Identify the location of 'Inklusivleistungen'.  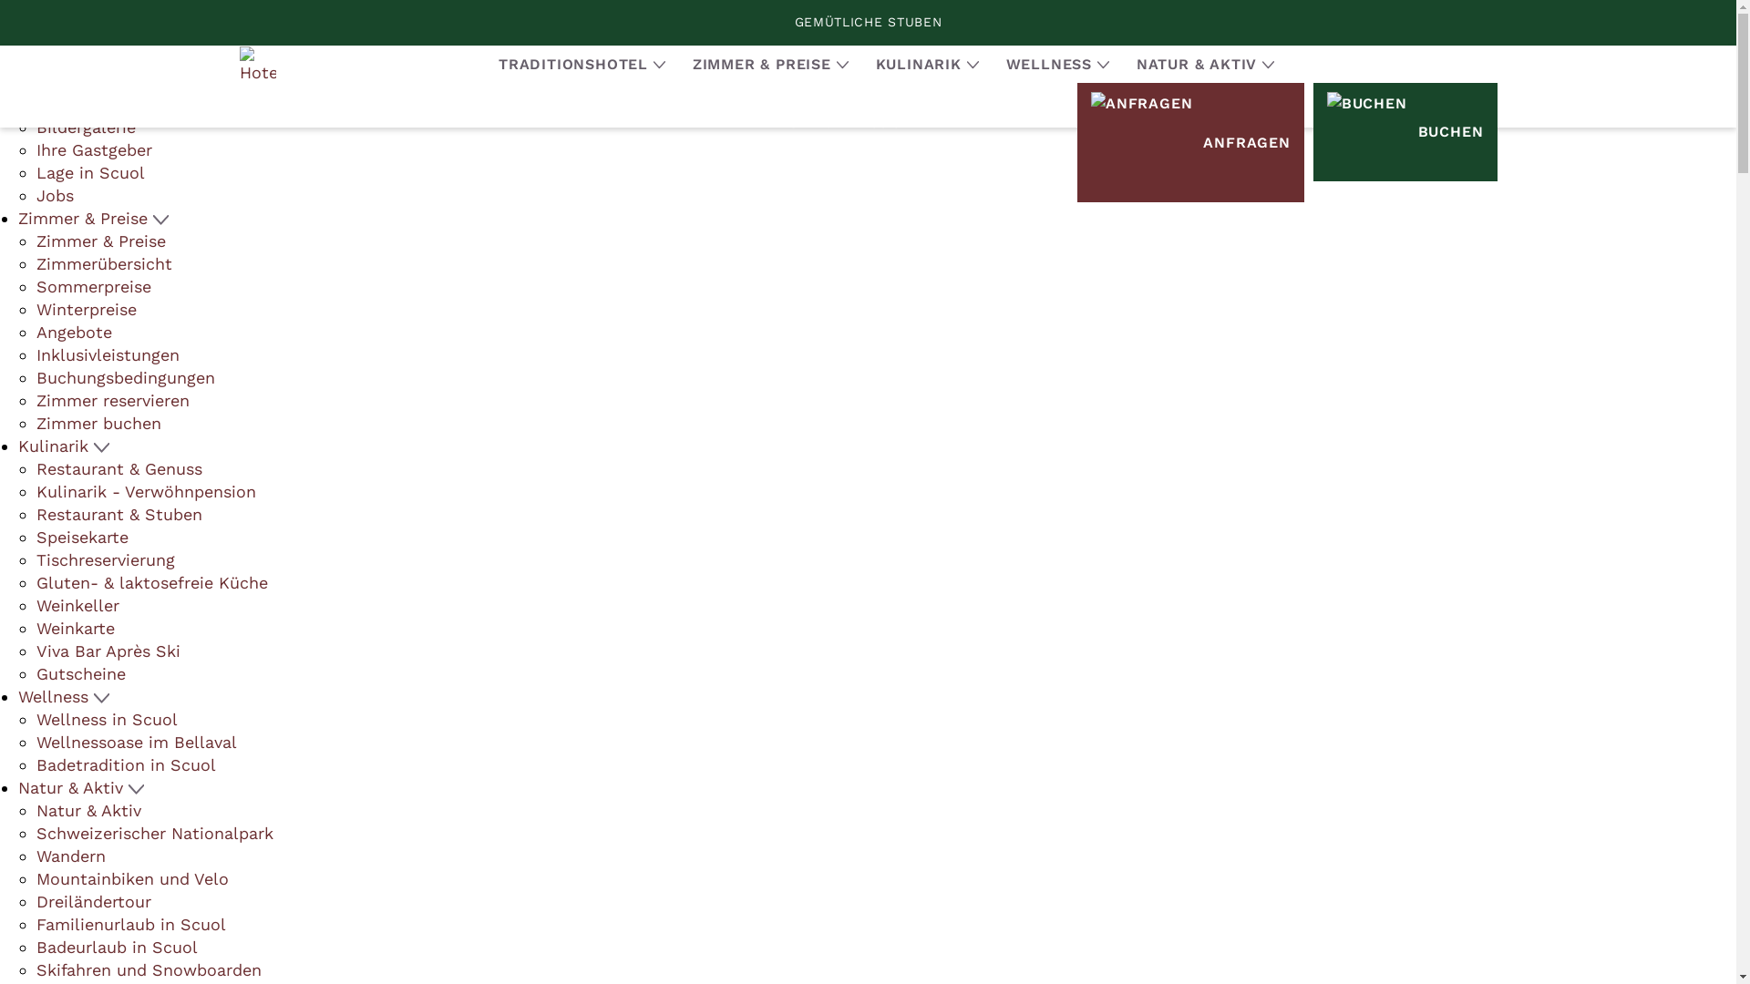
(107, 354).